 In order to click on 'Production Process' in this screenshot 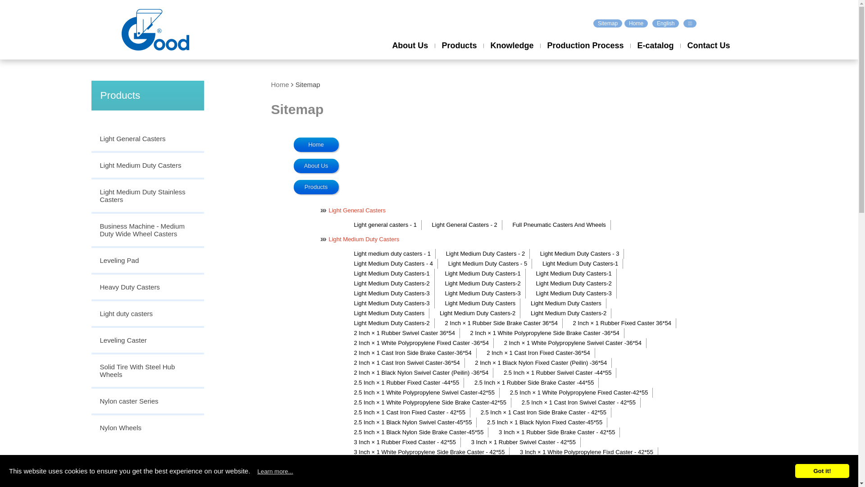, I will do `click(585, 54)`.